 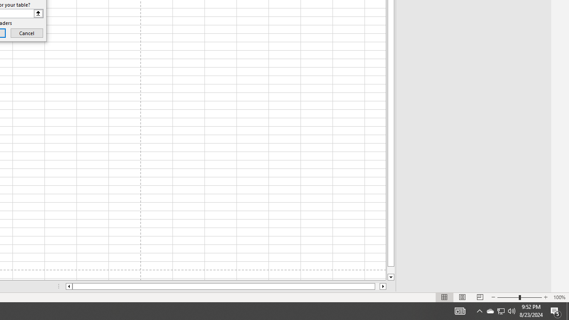 What do you see at coordinates (545, 297) in the screenshot?
I see `'Zoom In'` at bounding box center [545, 297].